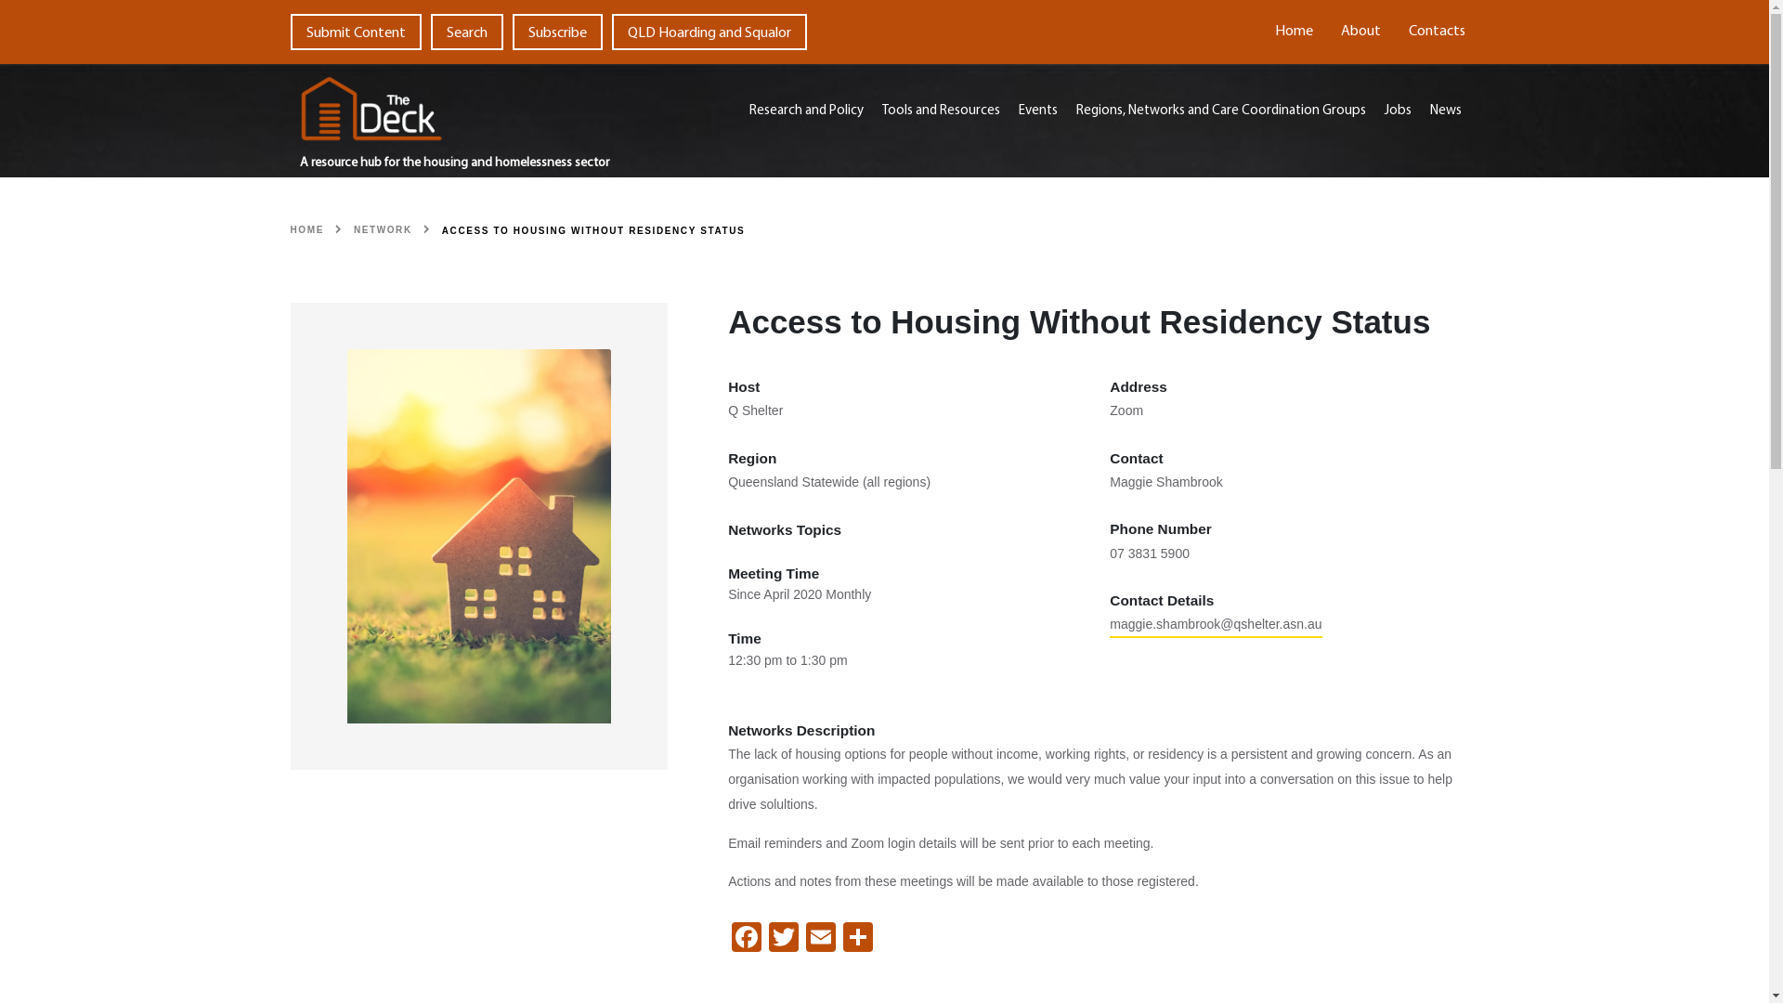  I want to click on 'Home', so click(1293, 32).